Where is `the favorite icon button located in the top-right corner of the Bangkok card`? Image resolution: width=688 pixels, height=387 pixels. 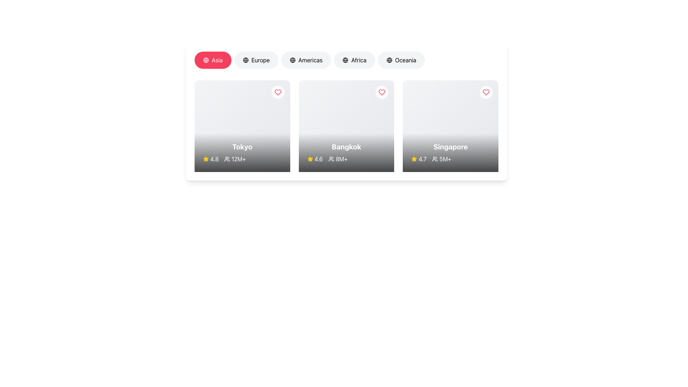 the favorite icon button located in the top-right corner of the Bangkok card is located at coordinates (382, 92).